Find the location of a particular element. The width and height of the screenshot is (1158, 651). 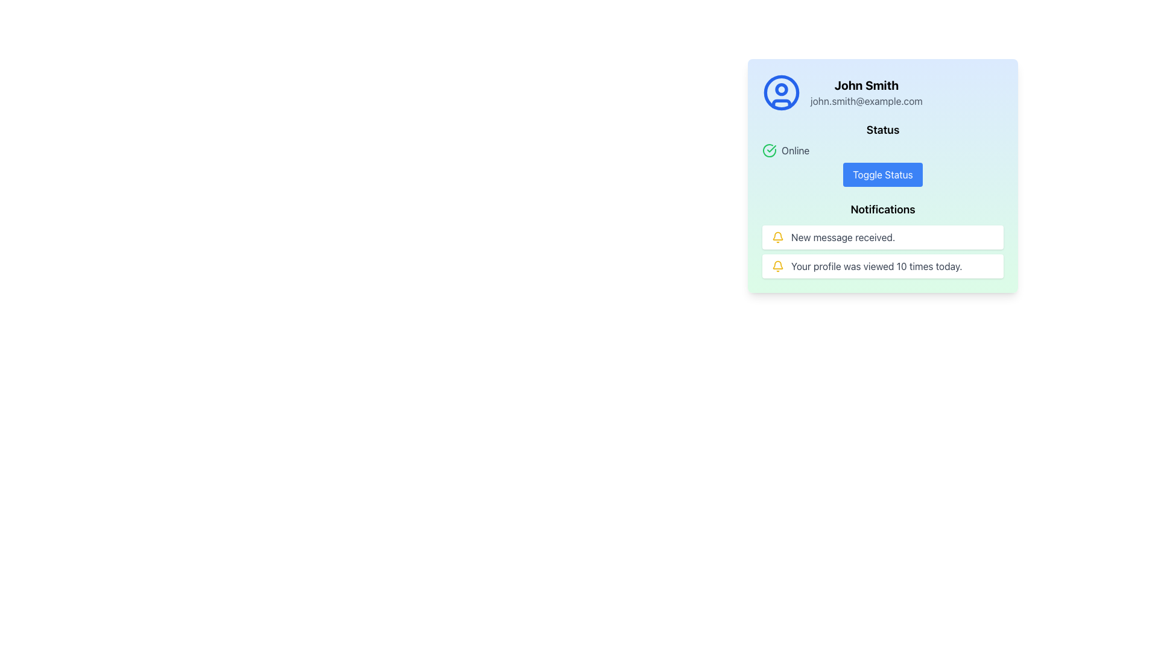

the small circular SVG Circle located within the profile icon at the top-left corner of the card interface, which is part of the user's profile representation is located at coordinates (782, 88).